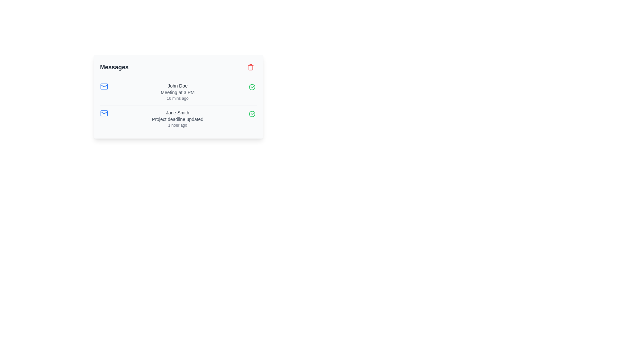 This screenshot has height=358, width=637. Describe the element at coordinates (250, 67) in the screenshot. I see `the prominent red trash can icon located in the upper-right corner of the 'Messages' card` at that location.